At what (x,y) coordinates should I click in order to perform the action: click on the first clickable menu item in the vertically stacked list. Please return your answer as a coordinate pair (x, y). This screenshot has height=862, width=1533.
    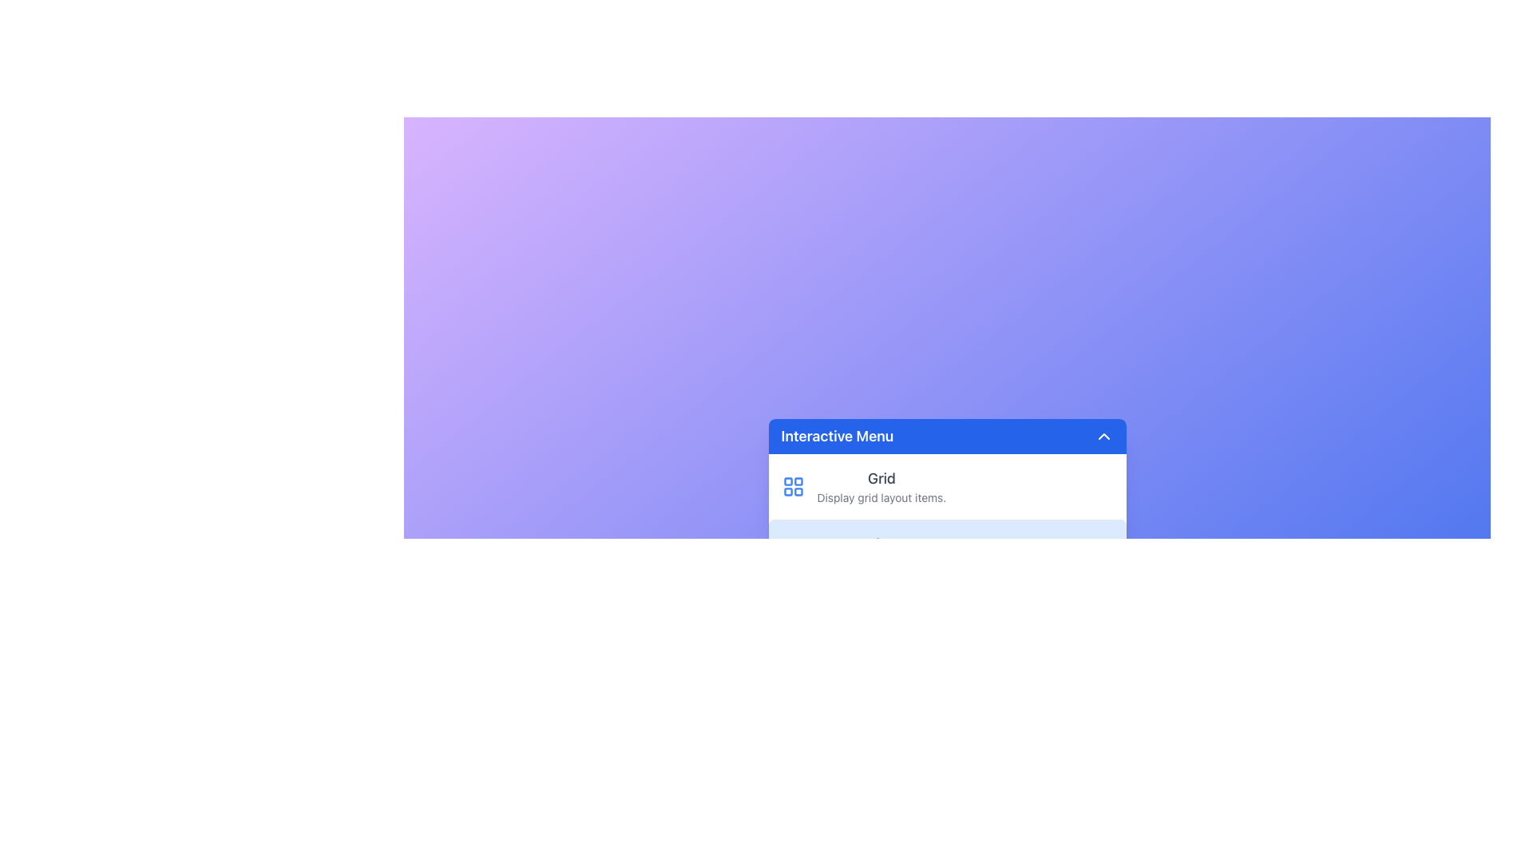
    Looking at the image, I should click on (947, 485).